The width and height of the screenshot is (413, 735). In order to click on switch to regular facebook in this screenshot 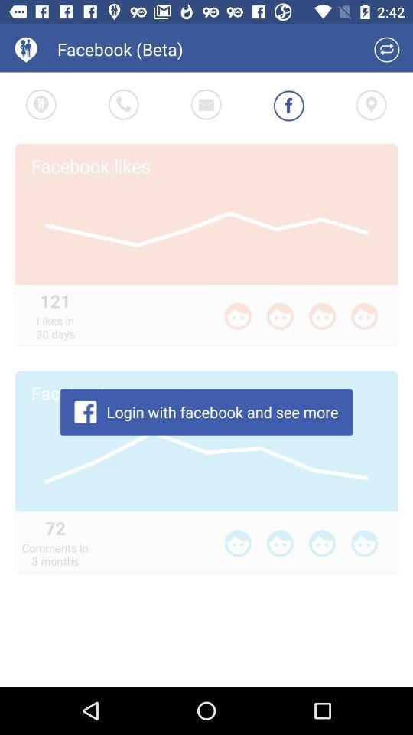, I will do `click(385, 50)`.